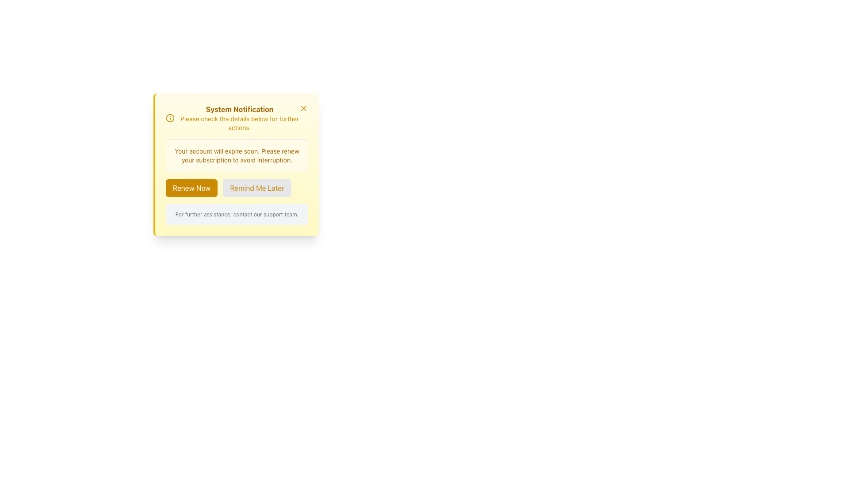 Image resolution: width=849 pixels, height=478 pixels. Describe the element at coordinates (237, 215) in the screenshot. I see `the contact information text block located at the bottom center of the notification card, below the 'Renew Now' and 'Remind Me Later' buttons` at that location.